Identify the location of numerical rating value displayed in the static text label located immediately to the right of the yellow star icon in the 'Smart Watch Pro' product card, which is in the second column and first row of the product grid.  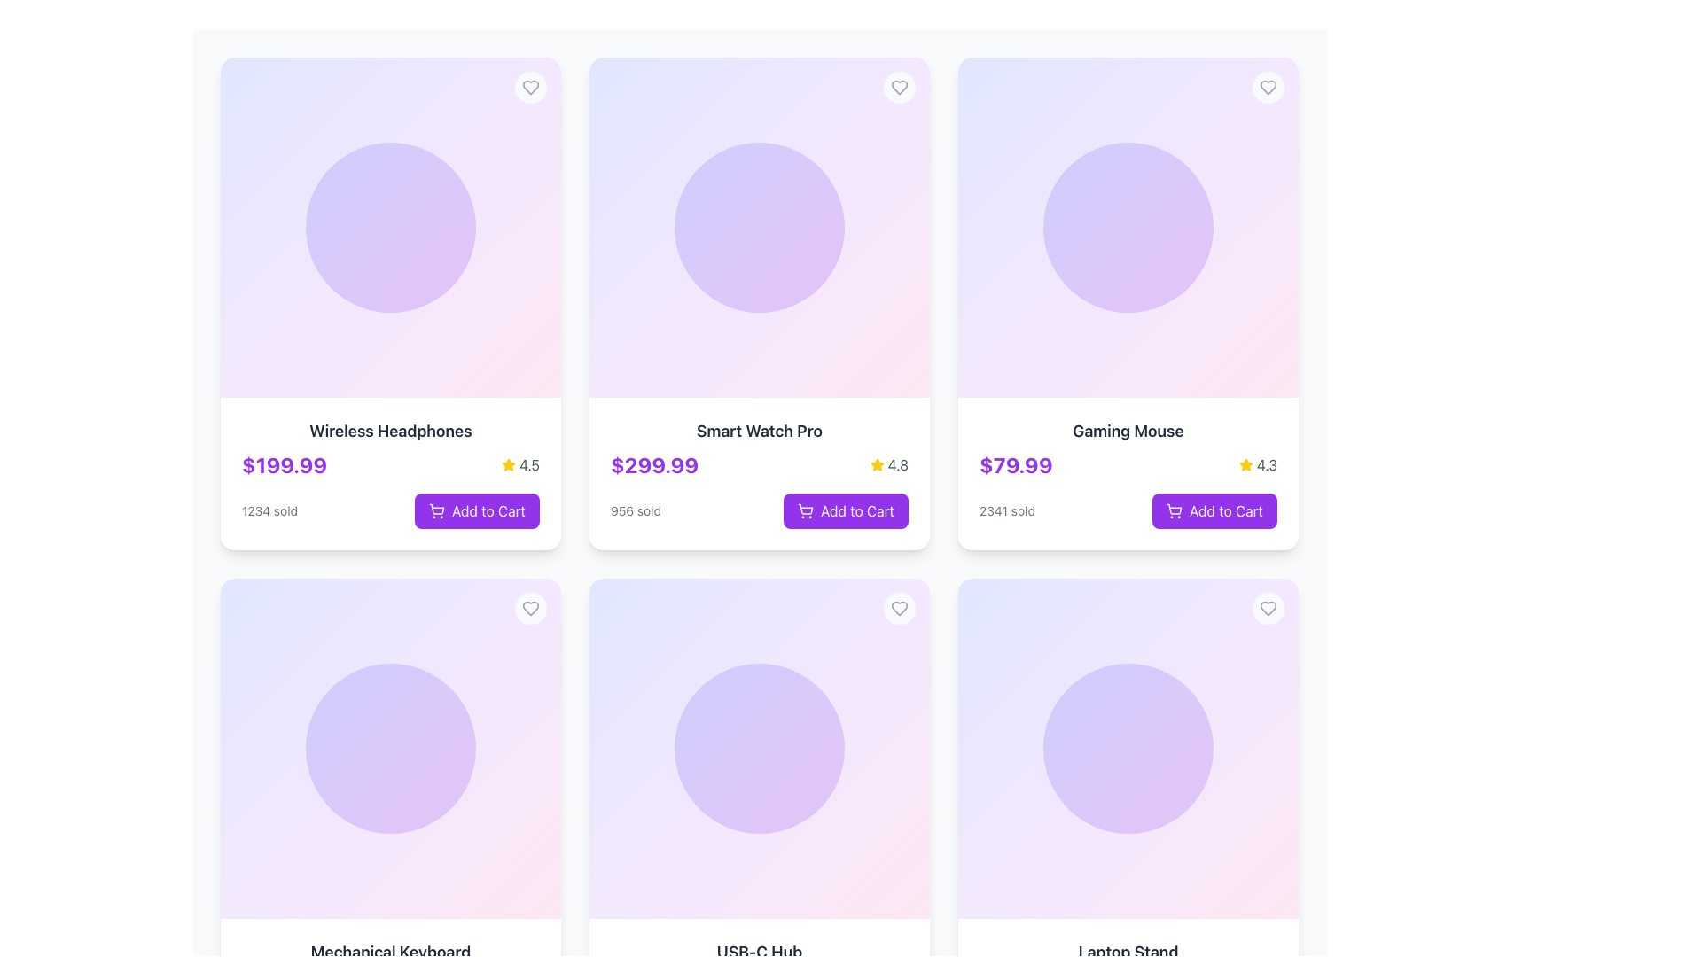
(898, 463).